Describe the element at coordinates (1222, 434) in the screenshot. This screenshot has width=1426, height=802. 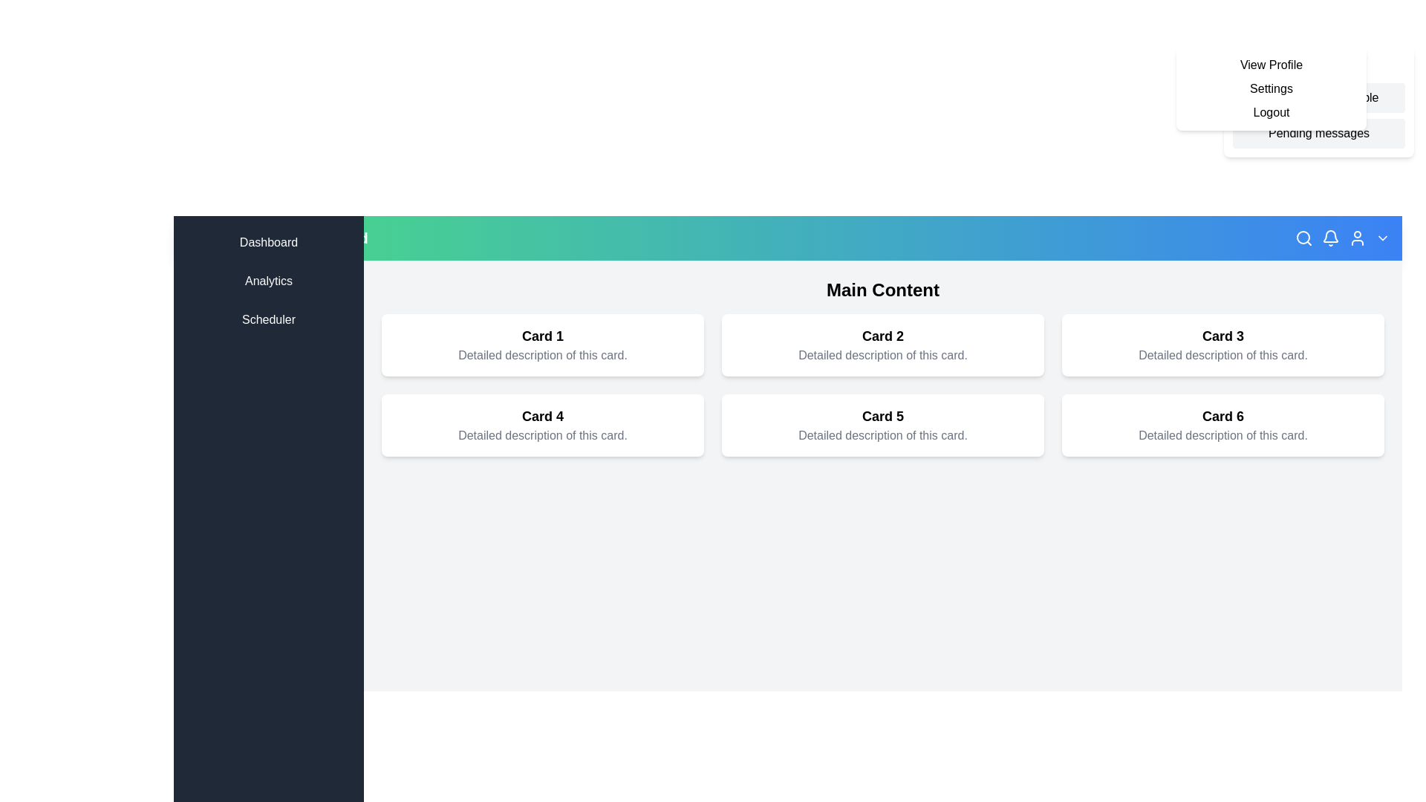
I see `the text label that contains the content 'Detailed description of this card.' located below the title 'Card 6' in the second row, third column of the grid layout` at that location.